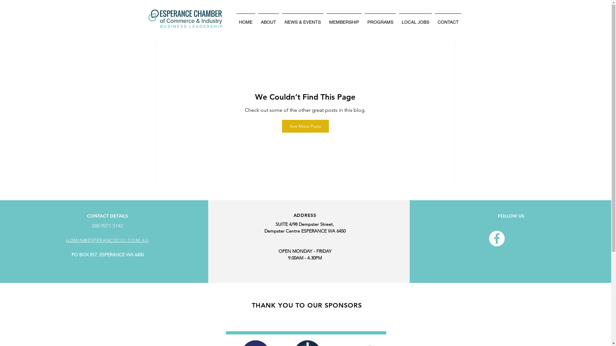 The height and width of the screenshot is (346, 616). What do you see at coordinates (245, 19) in the screenshot?
I see `'HOME'` at bounding box center [245, 19].